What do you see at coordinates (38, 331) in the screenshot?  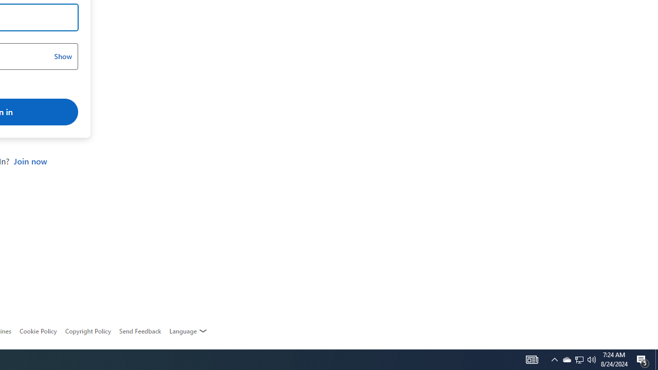 I see `'Cookie Policy'` at bounding box center [38, 331].